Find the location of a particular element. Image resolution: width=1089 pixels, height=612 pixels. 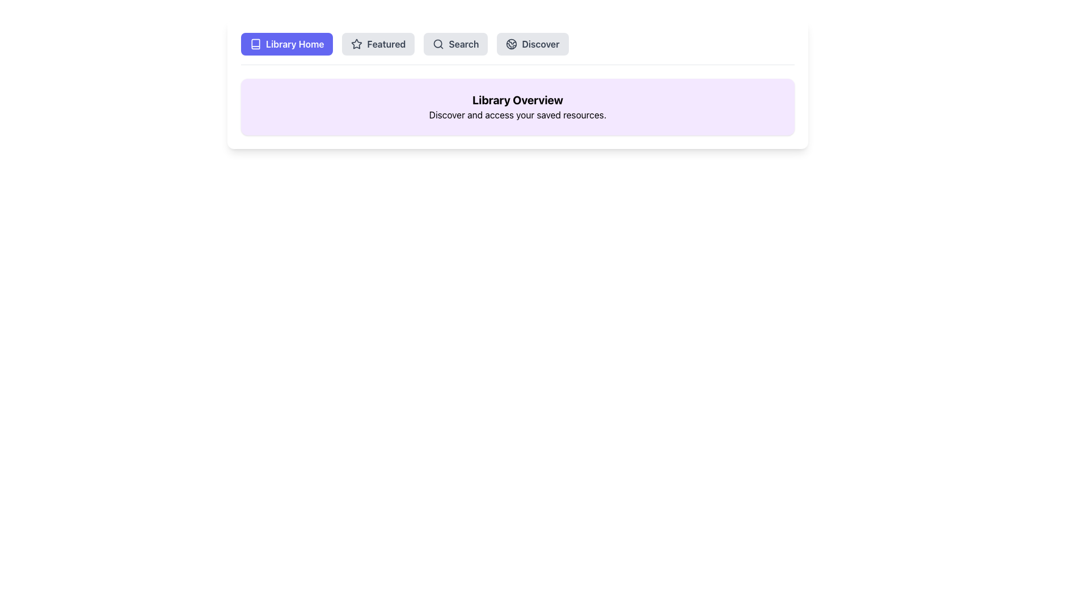

the 'Search' button, which is a rounded rectangle with a light gray background and a magnifying glass icon, located in the navigation bar between the 'Featured' and 'Discover' buttons is located at coordinates (455, 43).